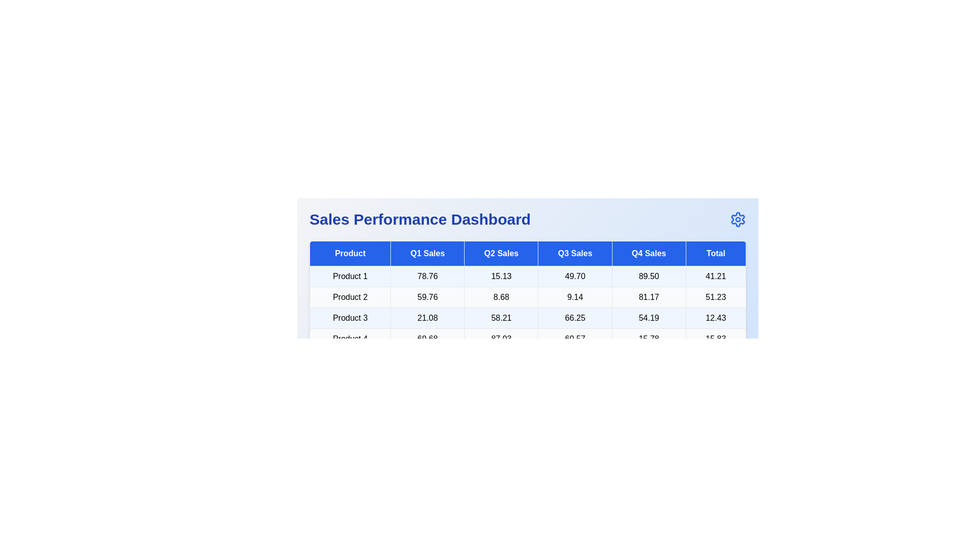 This screenshot has width=976, height=549. I want to click on the header Q4 Sales to sort the table by that column, so click(648, 253).